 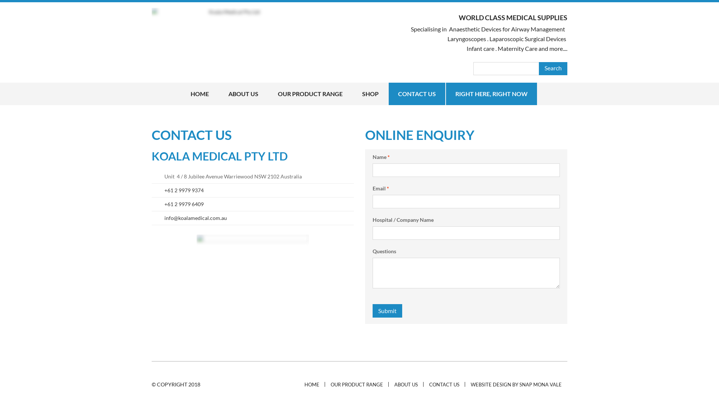 I want to click on 'HOME', so click(x=200, y=93).